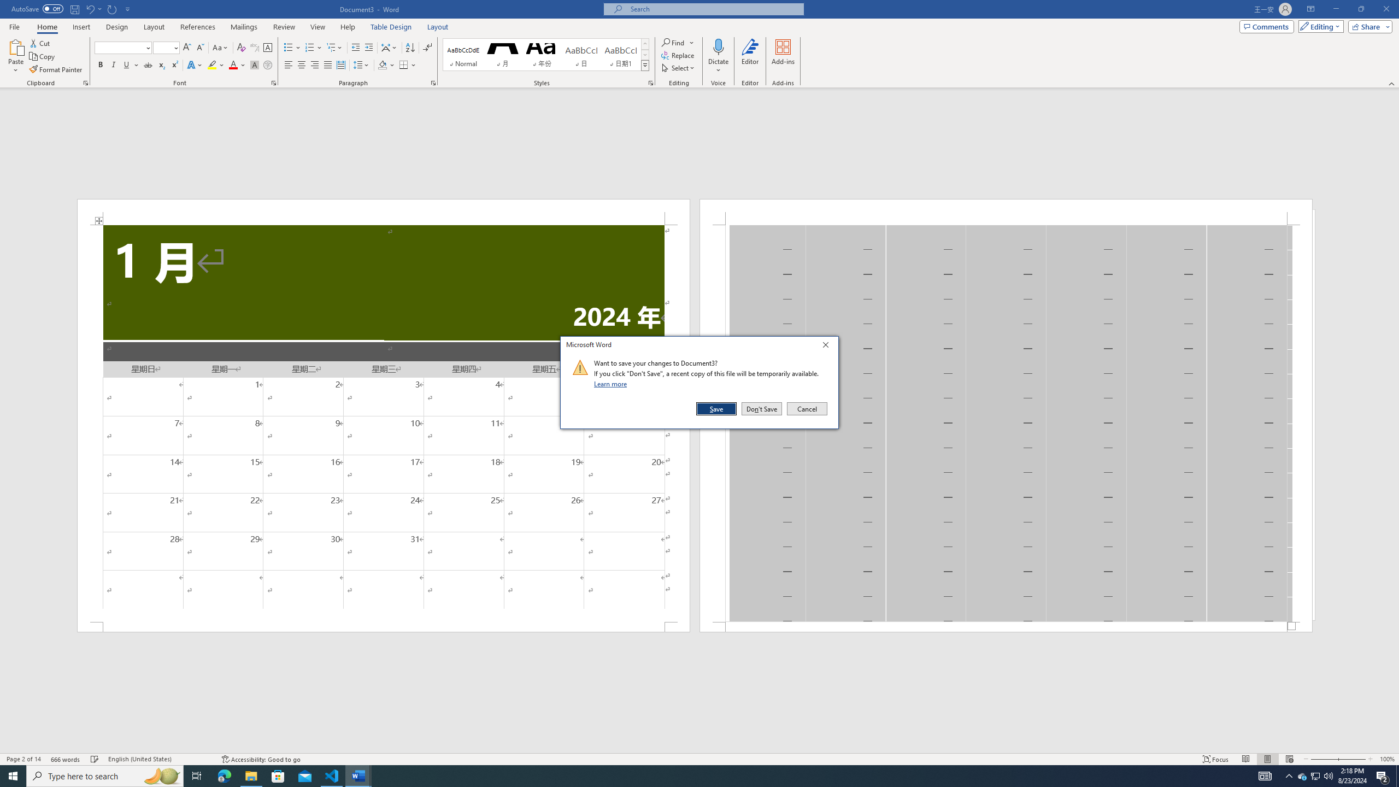 The image size is (1399, 787). I want to click on 'Clear Formatting', so click(240, 48).